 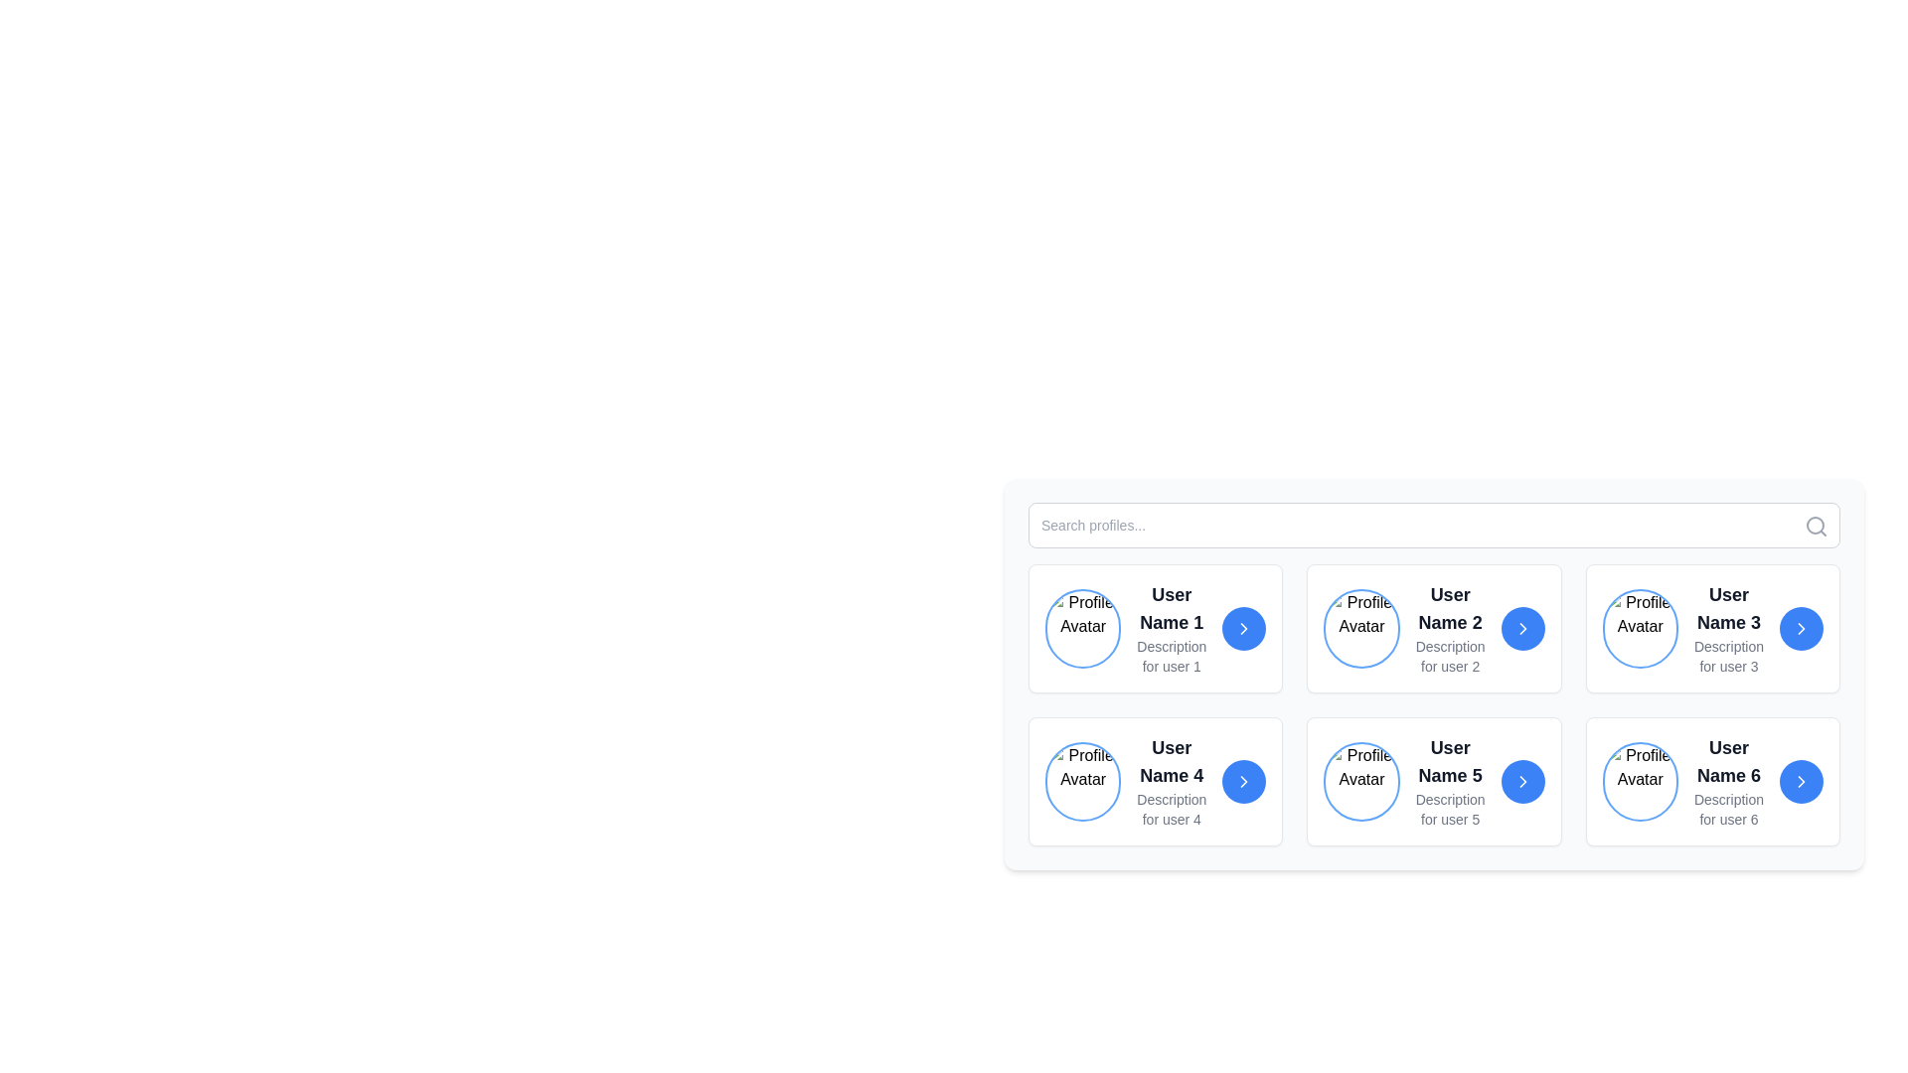 I want to click on the text display element that shows 'User Name 1' and 'Description for user 1', located in the upper-left user card within the central content area, so click(x=1172, y=628).